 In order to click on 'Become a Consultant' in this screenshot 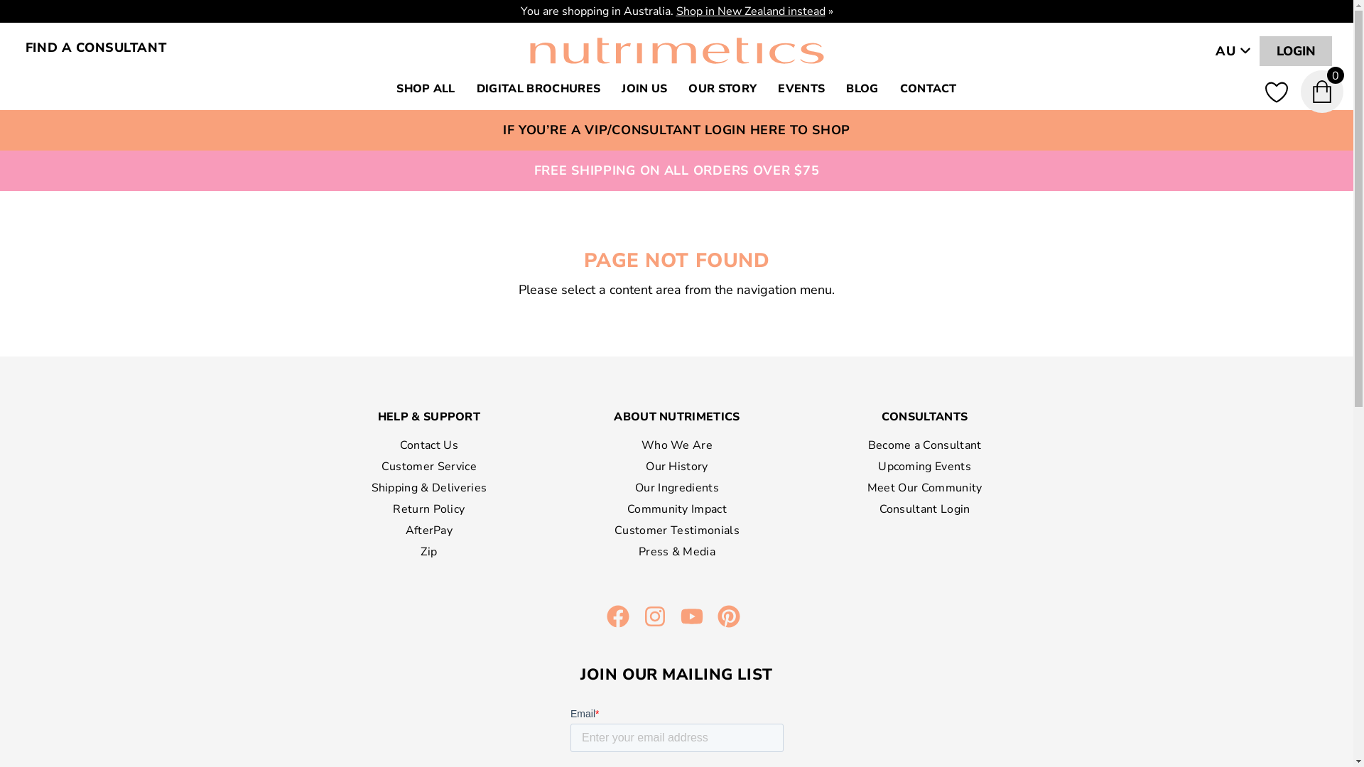, I will do `click(924, 445)`.